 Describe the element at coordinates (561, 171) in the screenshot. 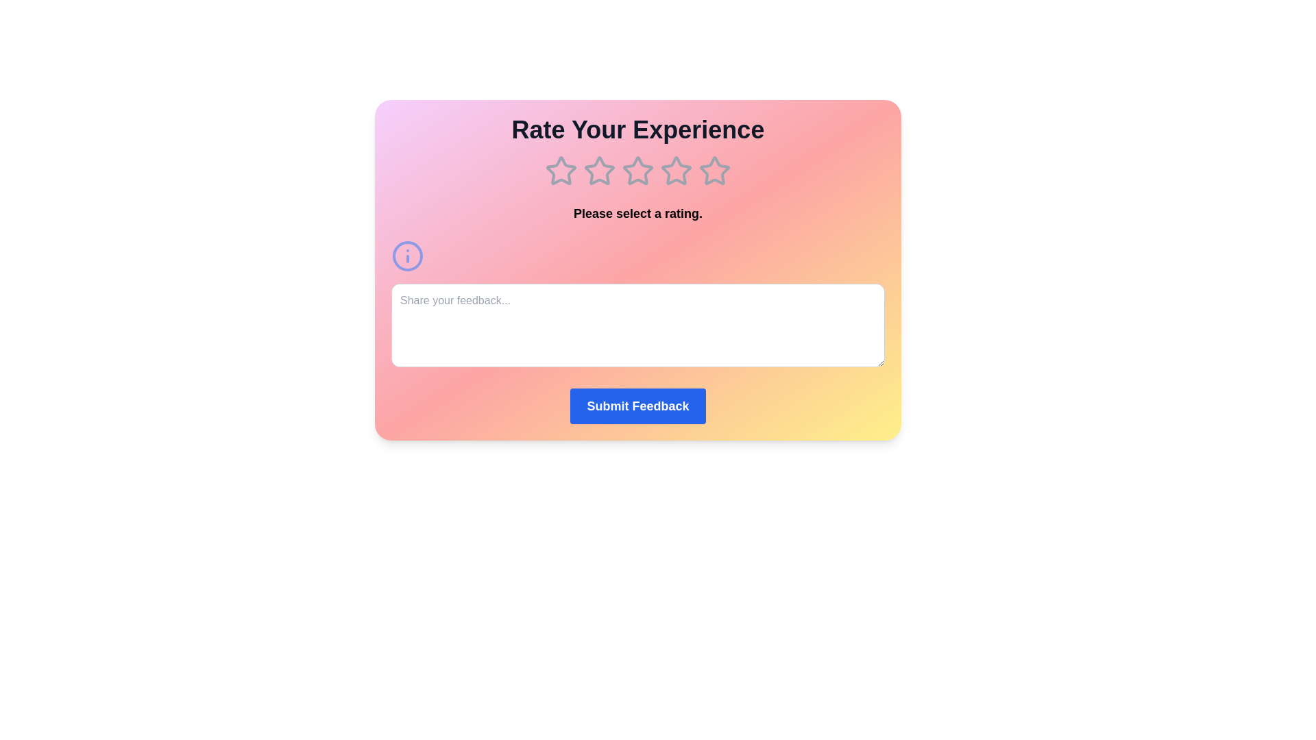

I see `the star corresponding to 1 to preview the rating` at that location.